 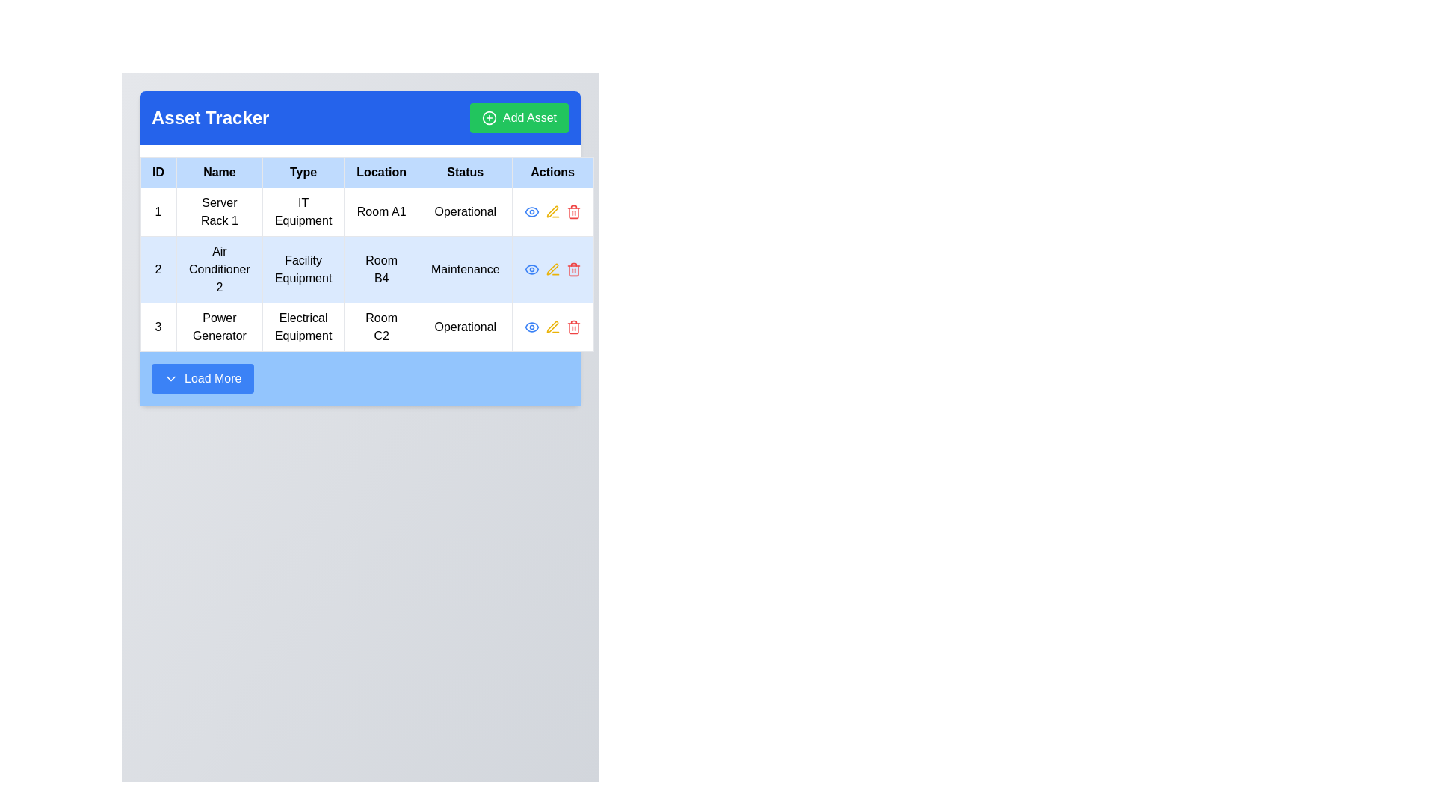 What do you see at coordinates (218, 327) in the screenshot?
I see `the non-interactive text label in the second cell of the third row of the table, which is adjacent to the left of the 'Electrical Equipment' cell and to the right of the '3' cell` at bounding box center [218, 327].